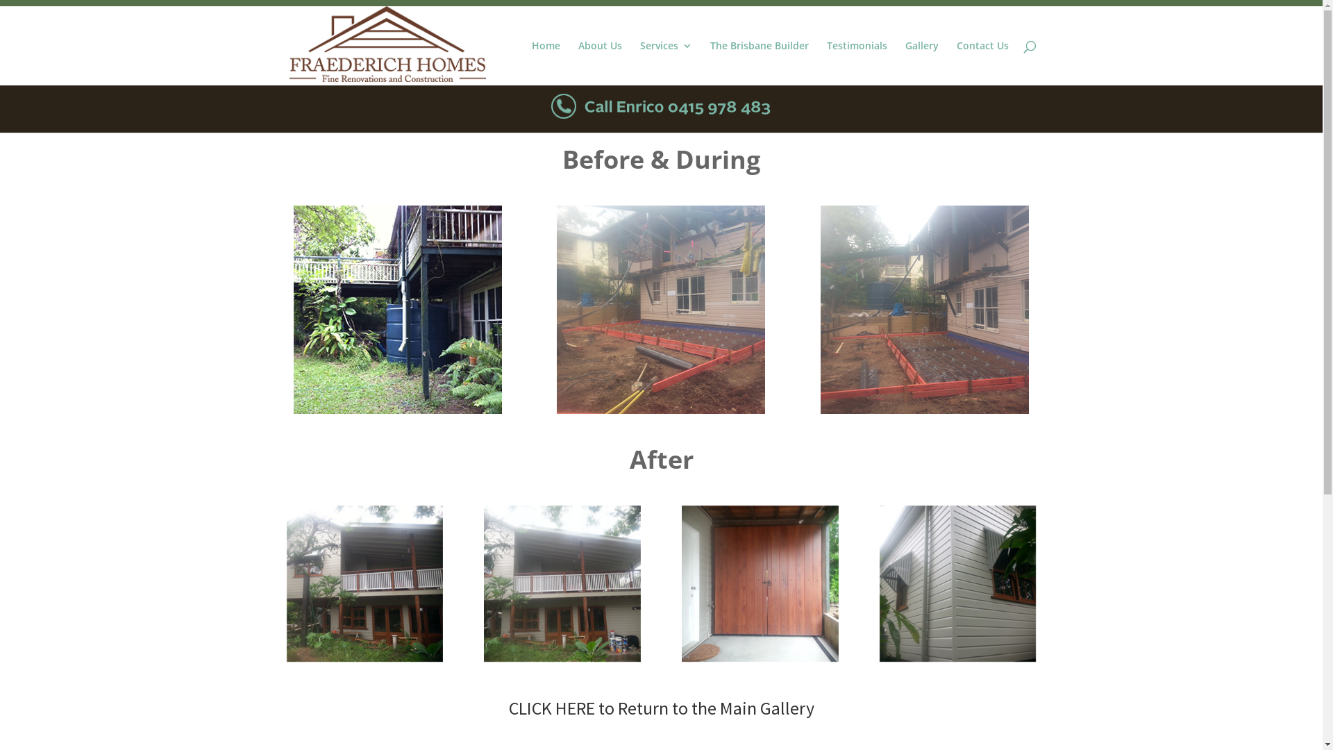 The height and width of the screenshot is (750, 1333). Describe the element at coordinates (820, 309) in the screenshot. I see `'Extend Upstairs and Down During 02'` at that location.